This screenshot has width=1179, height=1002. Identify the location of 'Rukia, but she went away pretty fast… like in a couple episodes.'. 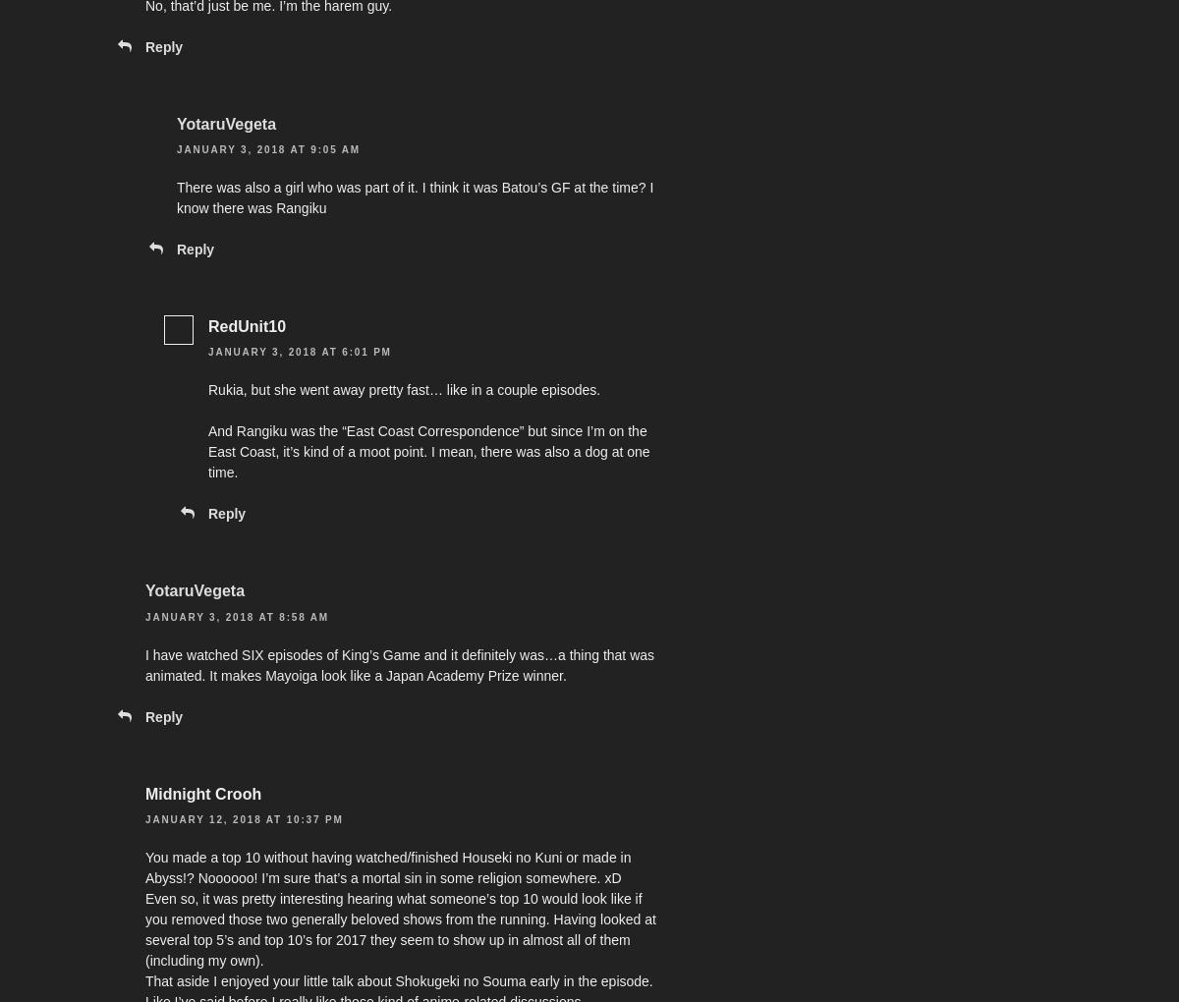
(404, 389).